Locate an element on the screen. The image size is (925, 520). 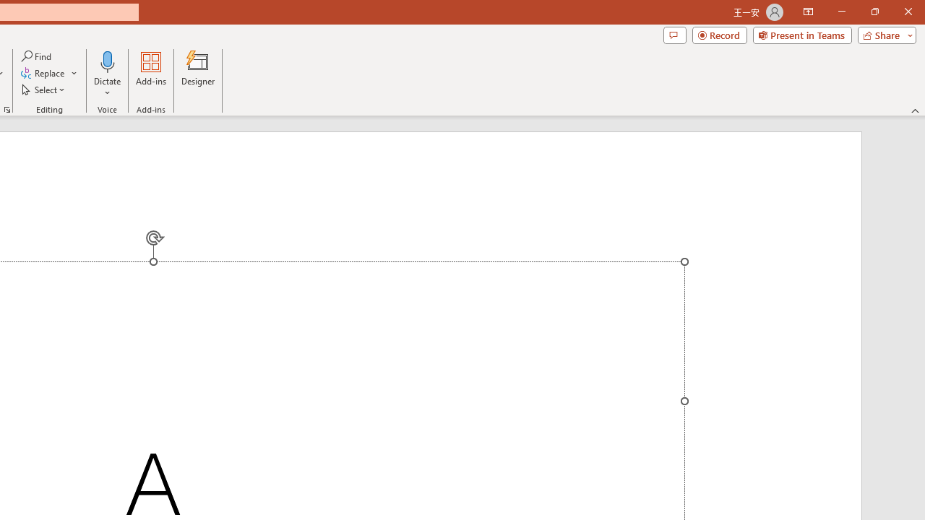
'Present in Teams' is located at coordinates (801, 34).